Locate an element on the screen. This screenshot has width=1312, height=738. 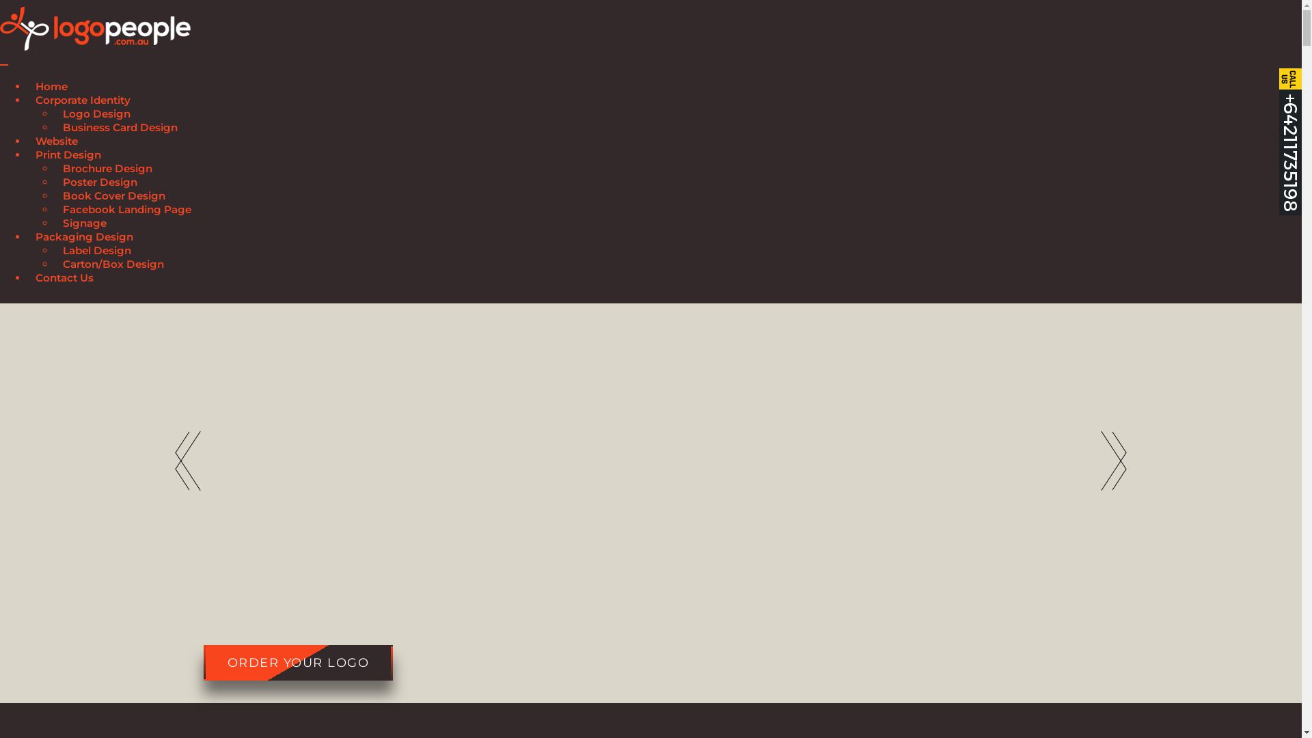
'Facebook Landing Page' is located at coordinates (127, 211).